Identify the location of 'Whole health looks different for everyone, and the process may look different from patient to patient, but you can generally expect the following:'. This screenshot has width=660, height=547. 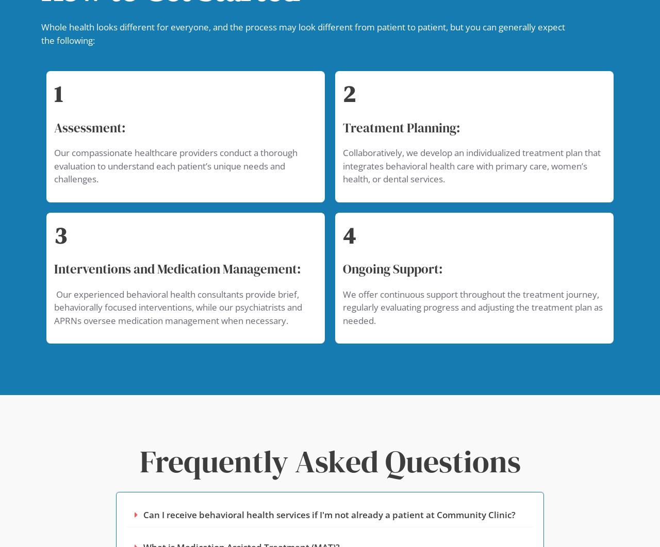
(303, 33).